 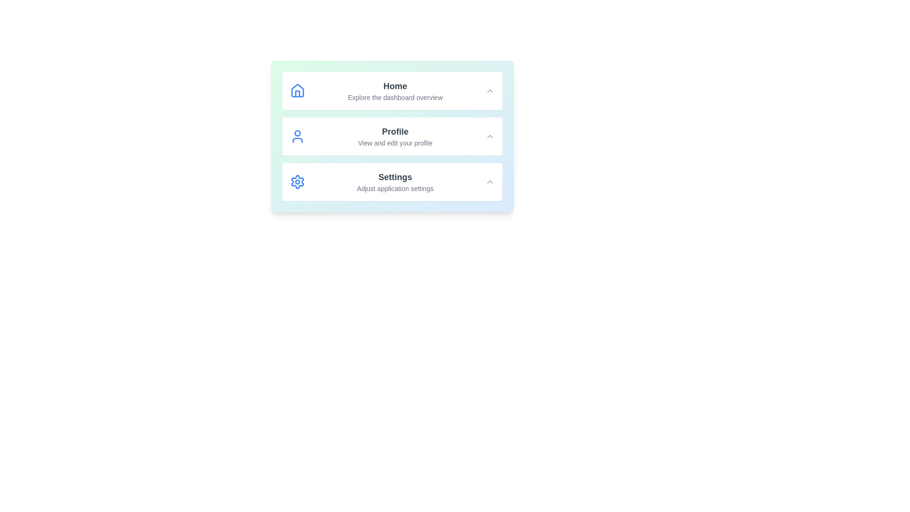 What do you see at coordinates (297, 182) in the screenshot?
I see `the icon representing the Settings section` at bounding box center [297, 182].